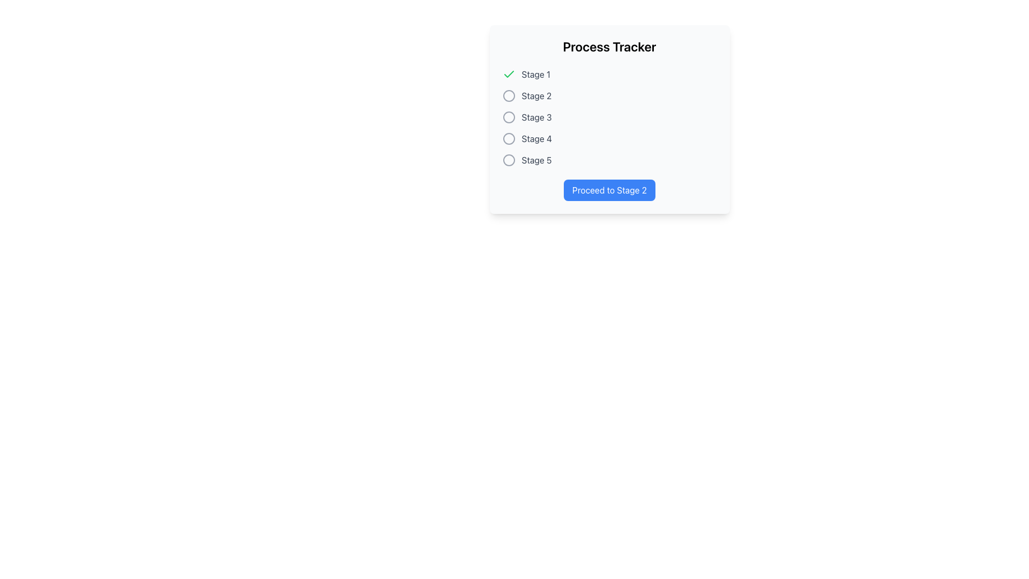 This screenshot has height=579, width=1029. What do you see at coordinates (508, 73) in the screenshot?
I see `the completed status icon for 'Stage 1' in the process tracker, which is located to the left of the text 'Stage 1'` at bounding box center [508, 73].